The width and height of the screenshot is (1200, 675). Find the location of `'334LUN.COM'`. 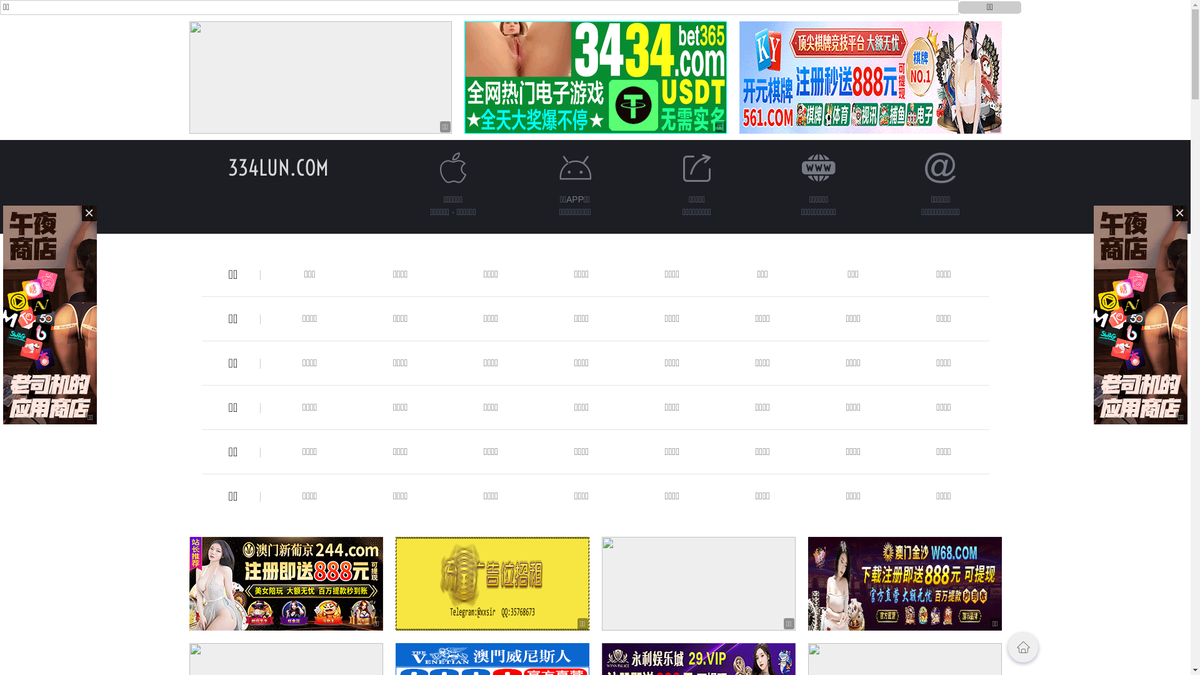

'334LUN.COM' is located at coordinates (277, 167).